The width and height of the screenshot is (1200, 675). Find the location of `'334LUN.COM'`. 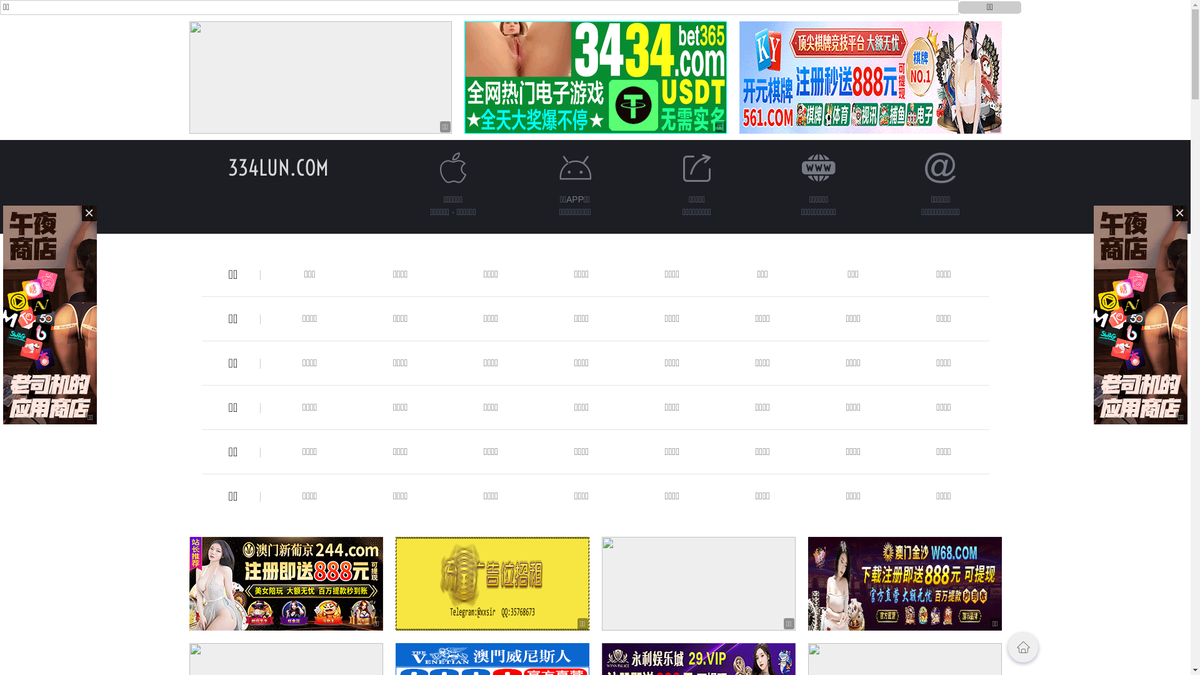

'334LUN.COM' is located at coordinates (277, 167).